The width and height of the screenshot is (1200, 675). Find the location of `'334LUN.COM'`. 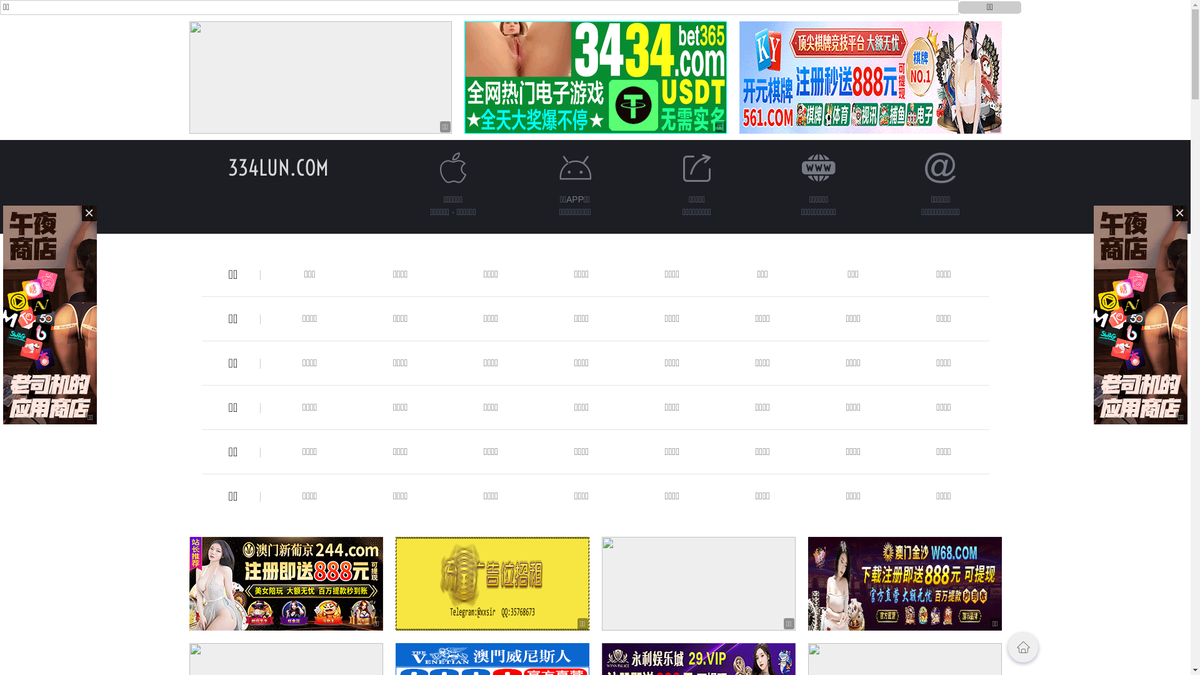

'334LUN.COM' is located at coordinates (277, 167).